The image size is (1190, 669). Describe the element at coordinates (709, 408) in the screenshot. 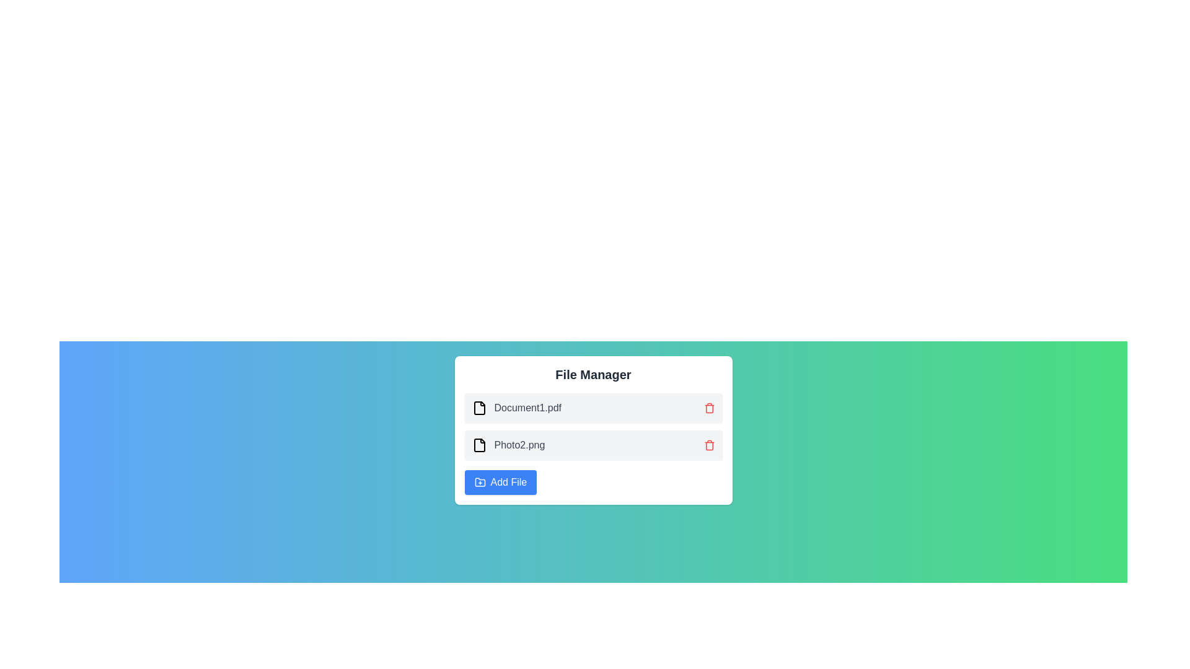

I see `the Trash Icon button used for deleting the file 'Document1.pdf'` at that location.